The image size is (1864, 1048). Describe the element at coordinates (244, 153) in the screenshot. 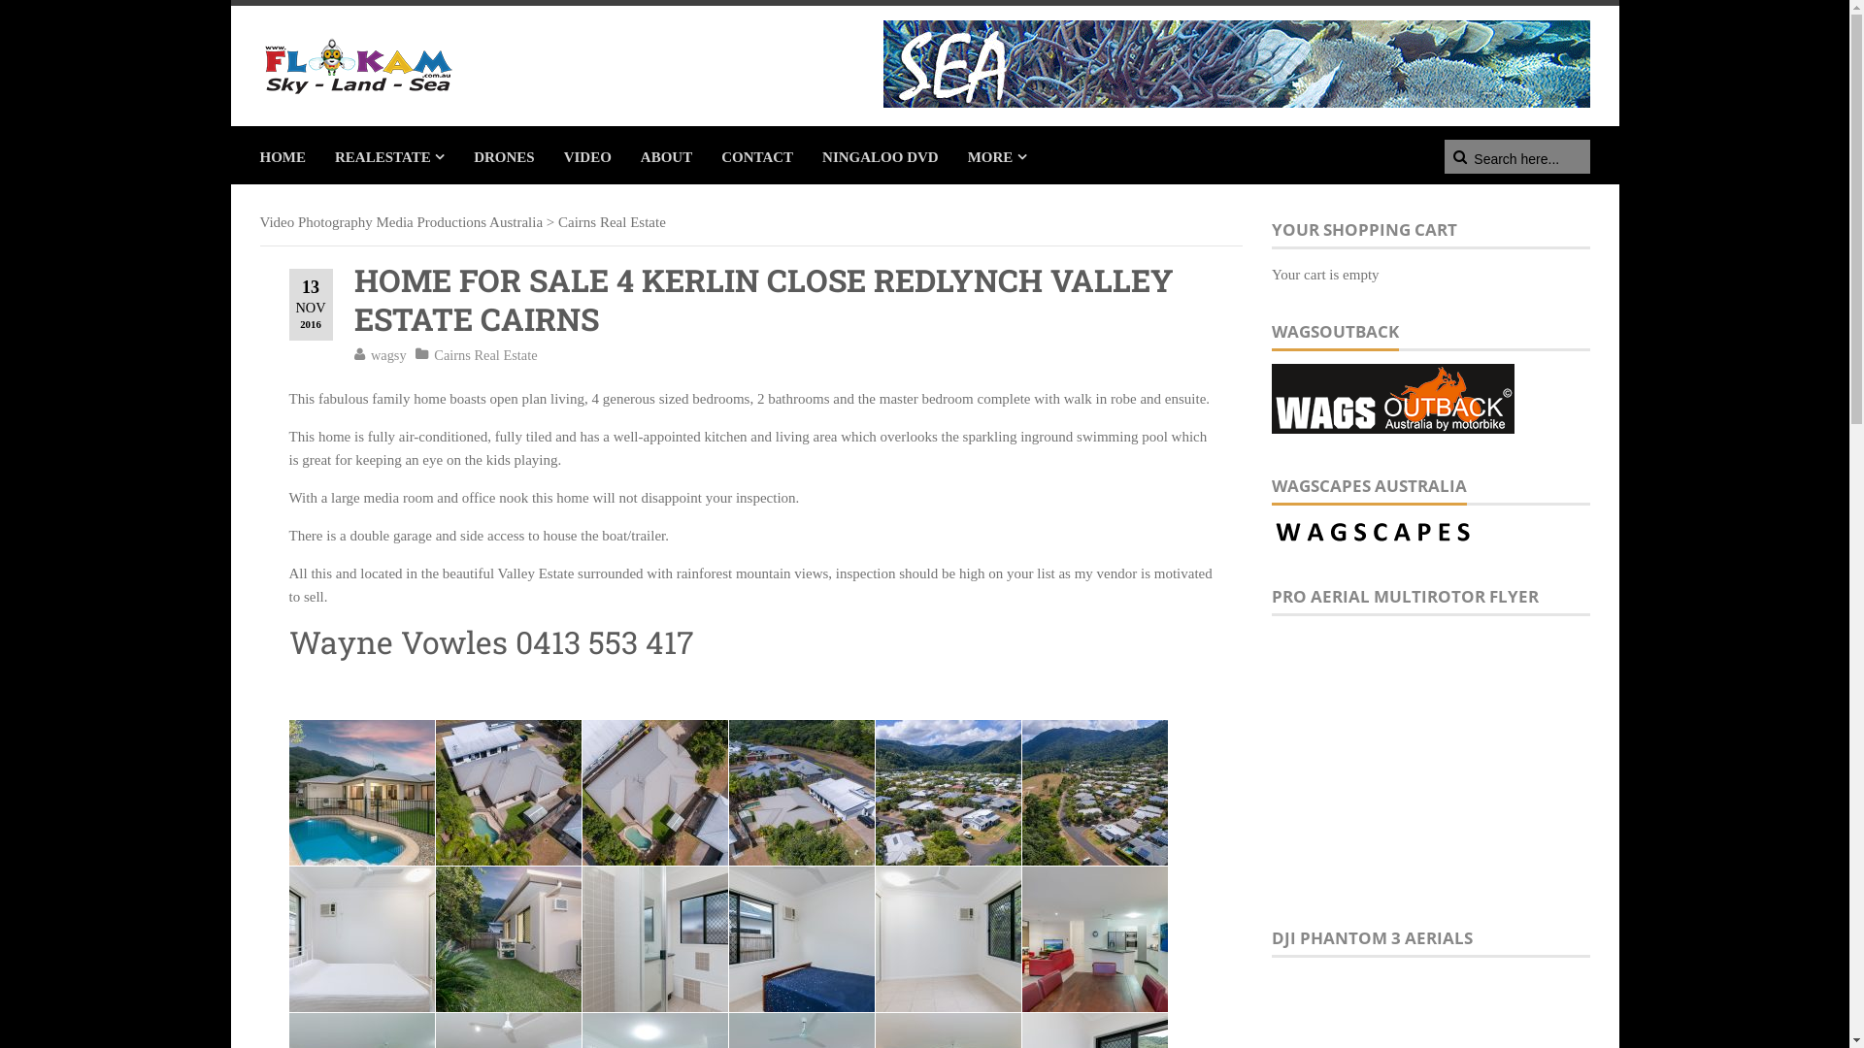

I see `'HOME'` at that location.